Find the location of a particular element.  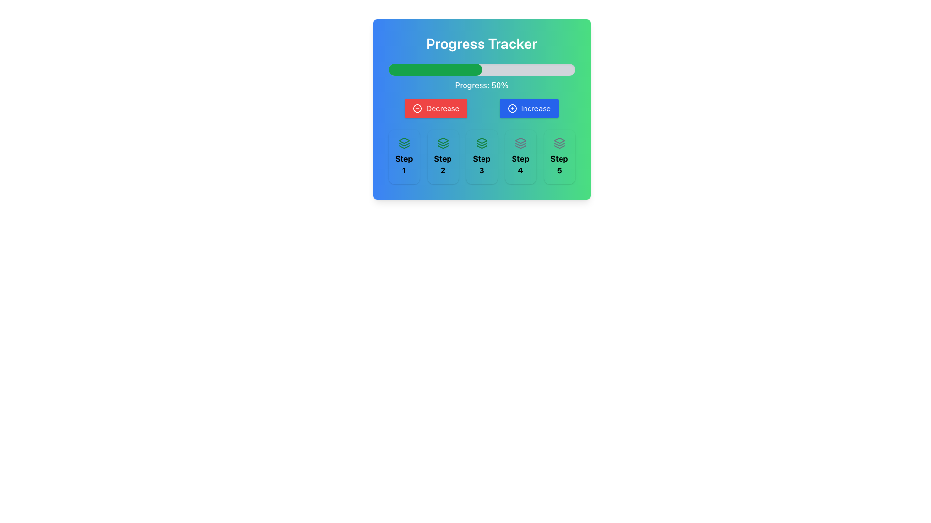

the second segment of the visual stack representation in the Step 3 icon of the progress tracker is located at coordinates (482, 144).